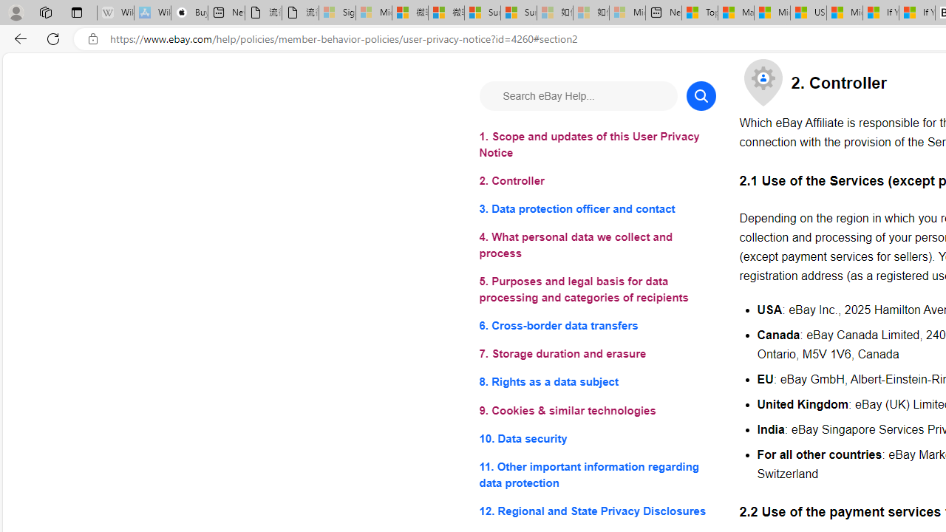 This screenshot has height=532, width=946. What do you see at coordinates (597, 410) in the screenshot?
I see `'9. Cookies & similar technologies'` at bounding box center [597, 410].